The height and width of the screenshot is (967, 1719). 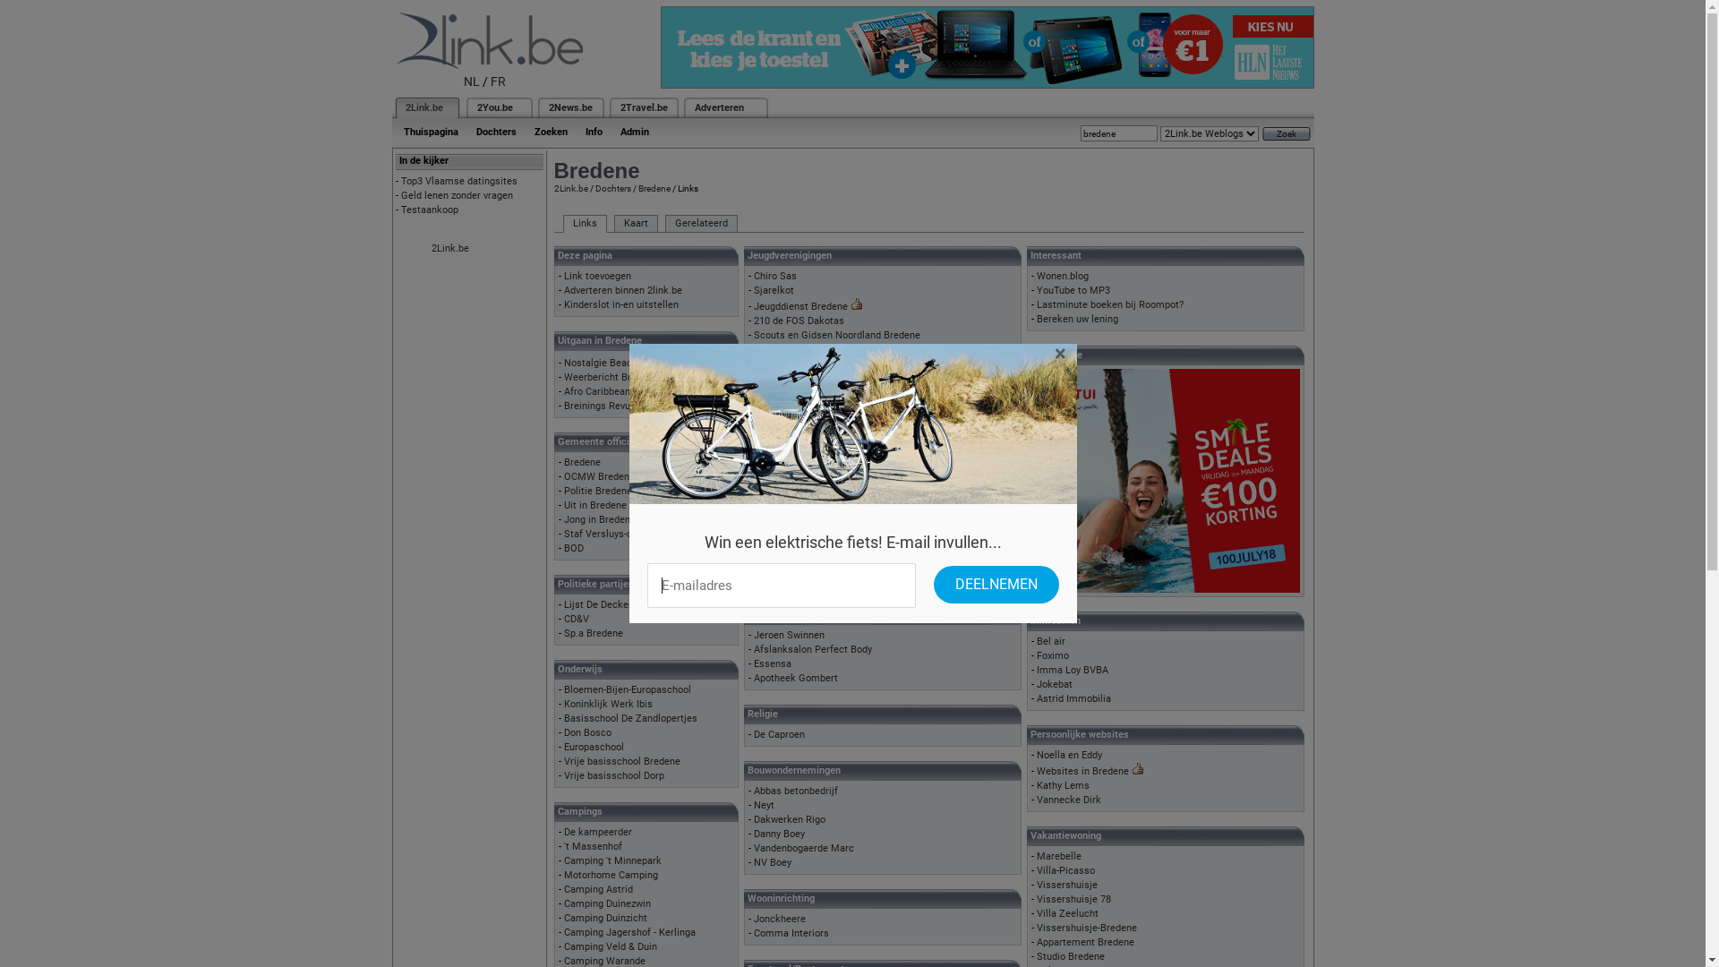 I want to click on '2News.be', so click(x=546, y=107).